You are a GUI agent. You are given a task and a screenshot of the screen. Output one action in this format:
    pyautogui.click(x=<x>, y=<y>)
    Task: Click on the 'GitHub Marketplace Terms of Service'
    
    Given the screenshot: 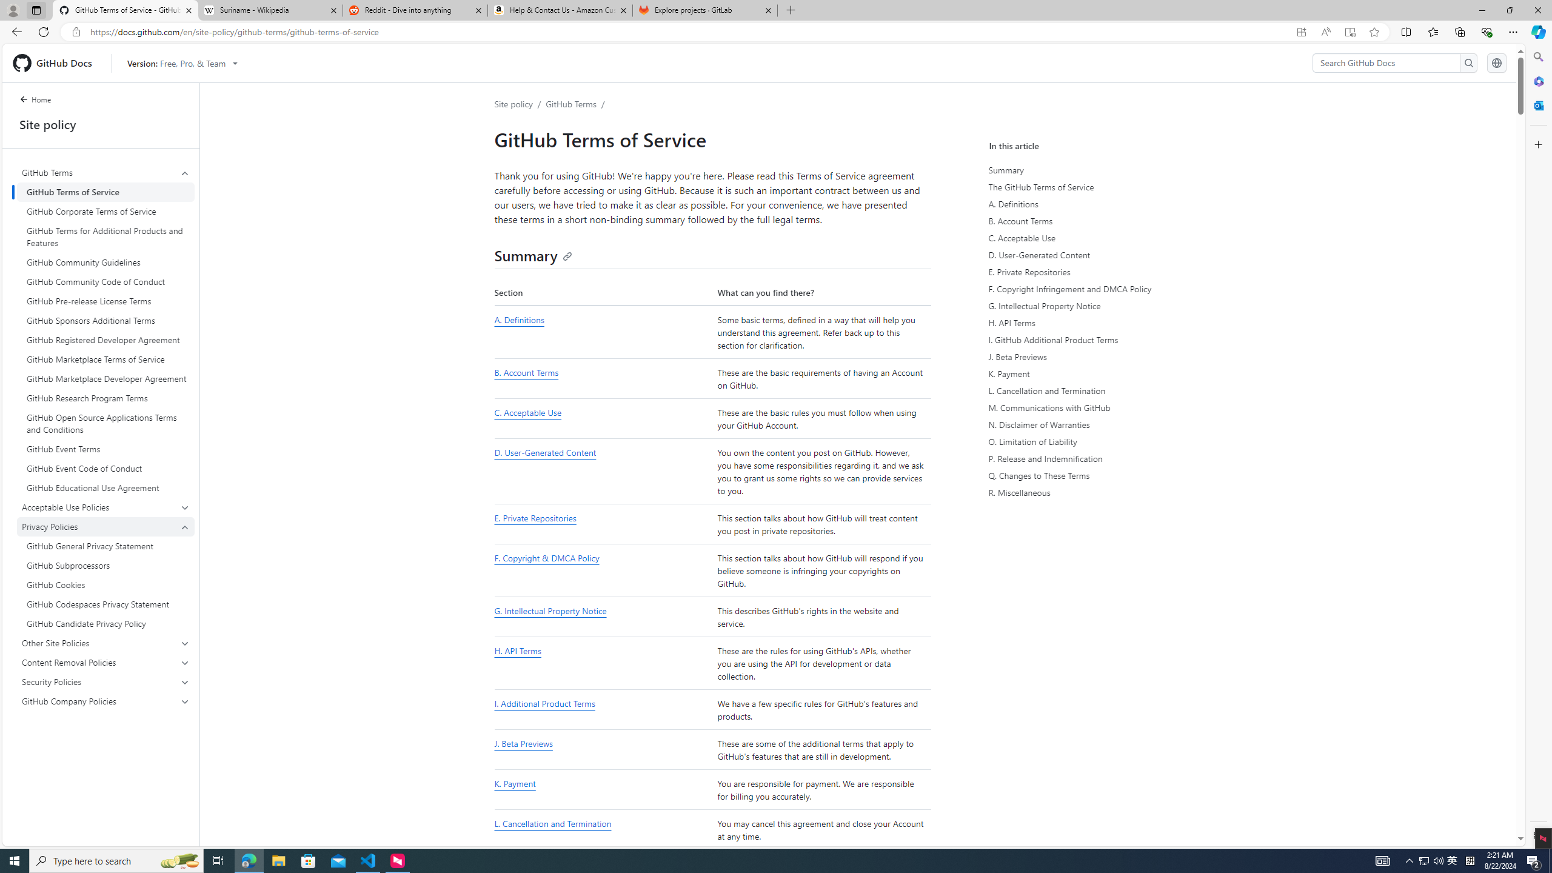 What is the action you would take?
    pyautogui.click(x=105, y=360)
    